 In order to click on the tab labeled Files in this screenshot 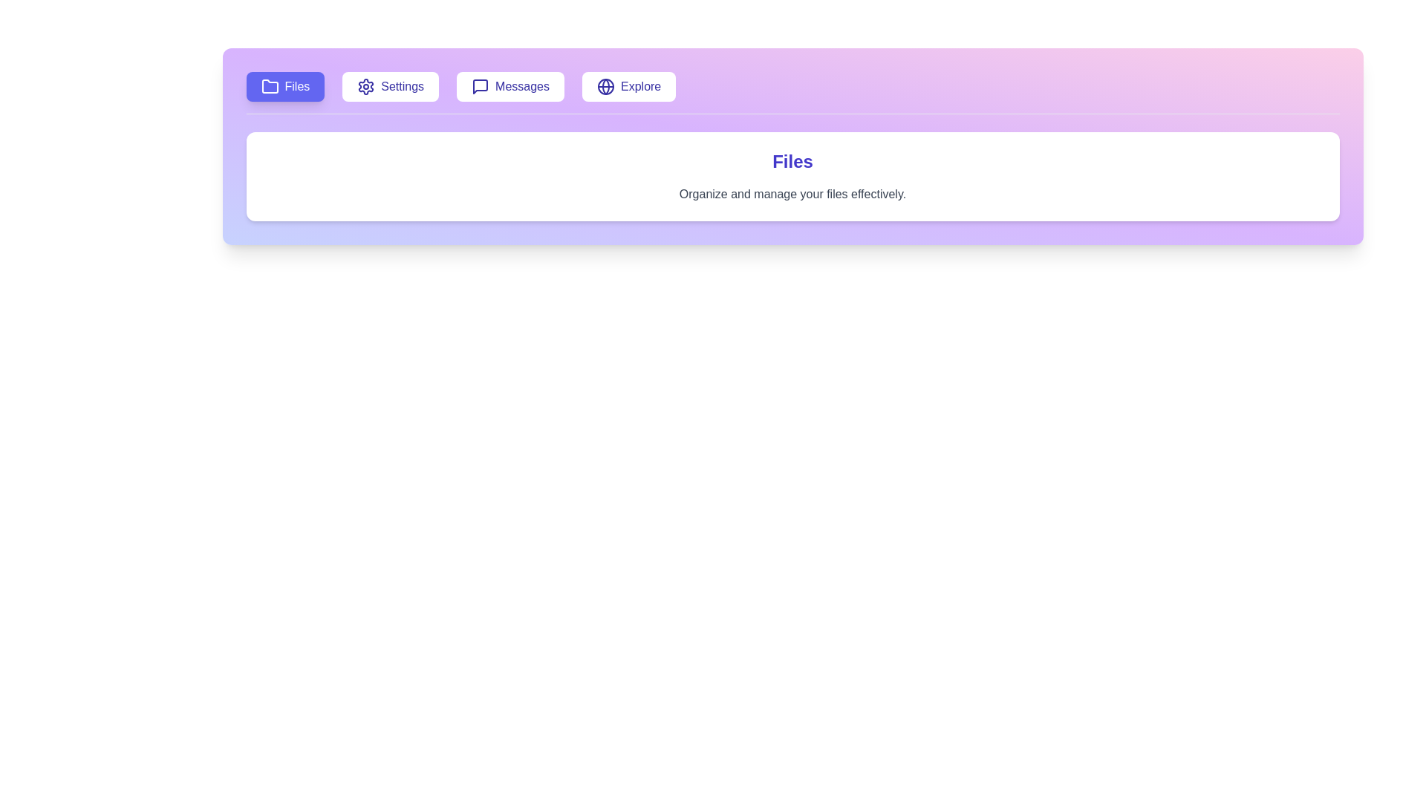, I will do `click(285, 86)`.